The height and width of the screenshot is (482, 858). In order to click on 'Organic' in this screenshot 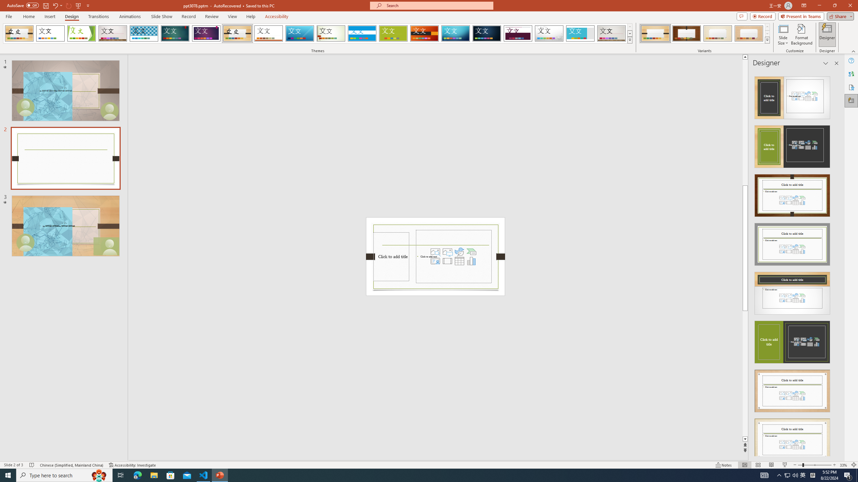, I will do `click(238, 33)`.